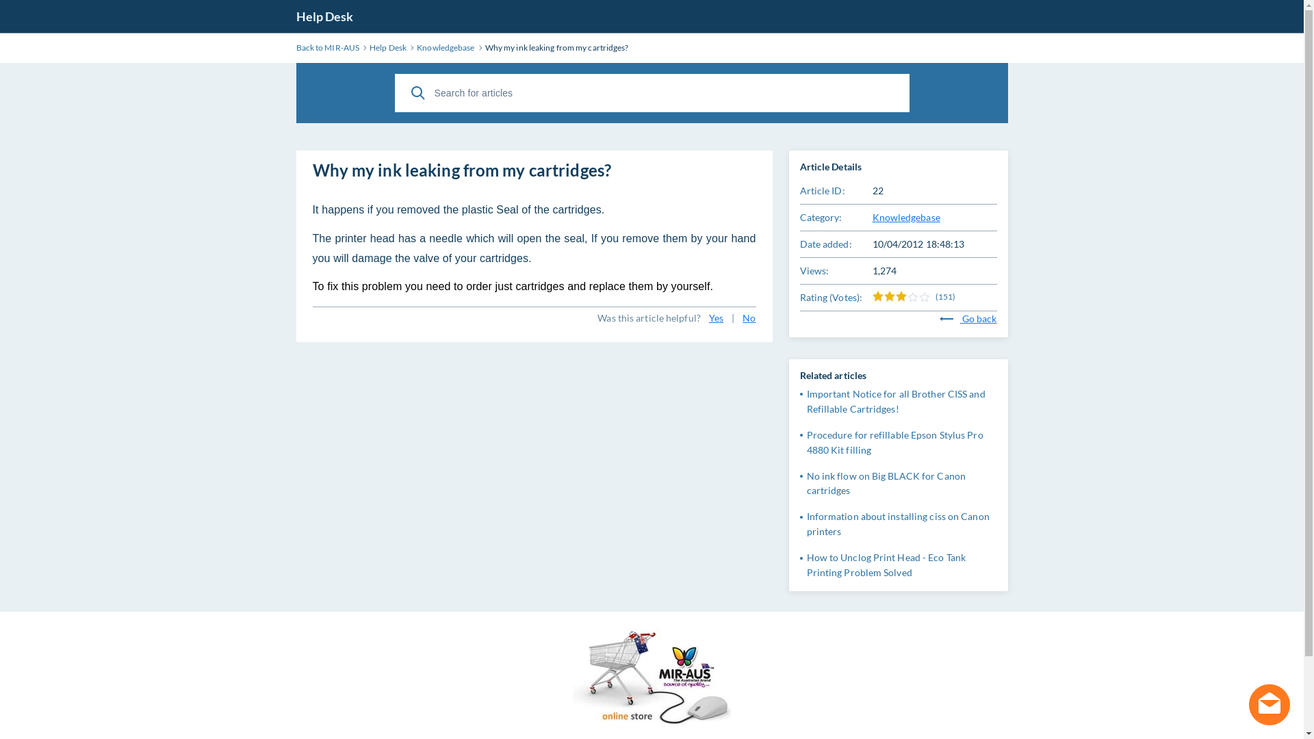  Describe the element at coordinates (806, 482) in the screenshot. I see `'No ink flow on Big BLACK for Canon cartridges'` at that location.